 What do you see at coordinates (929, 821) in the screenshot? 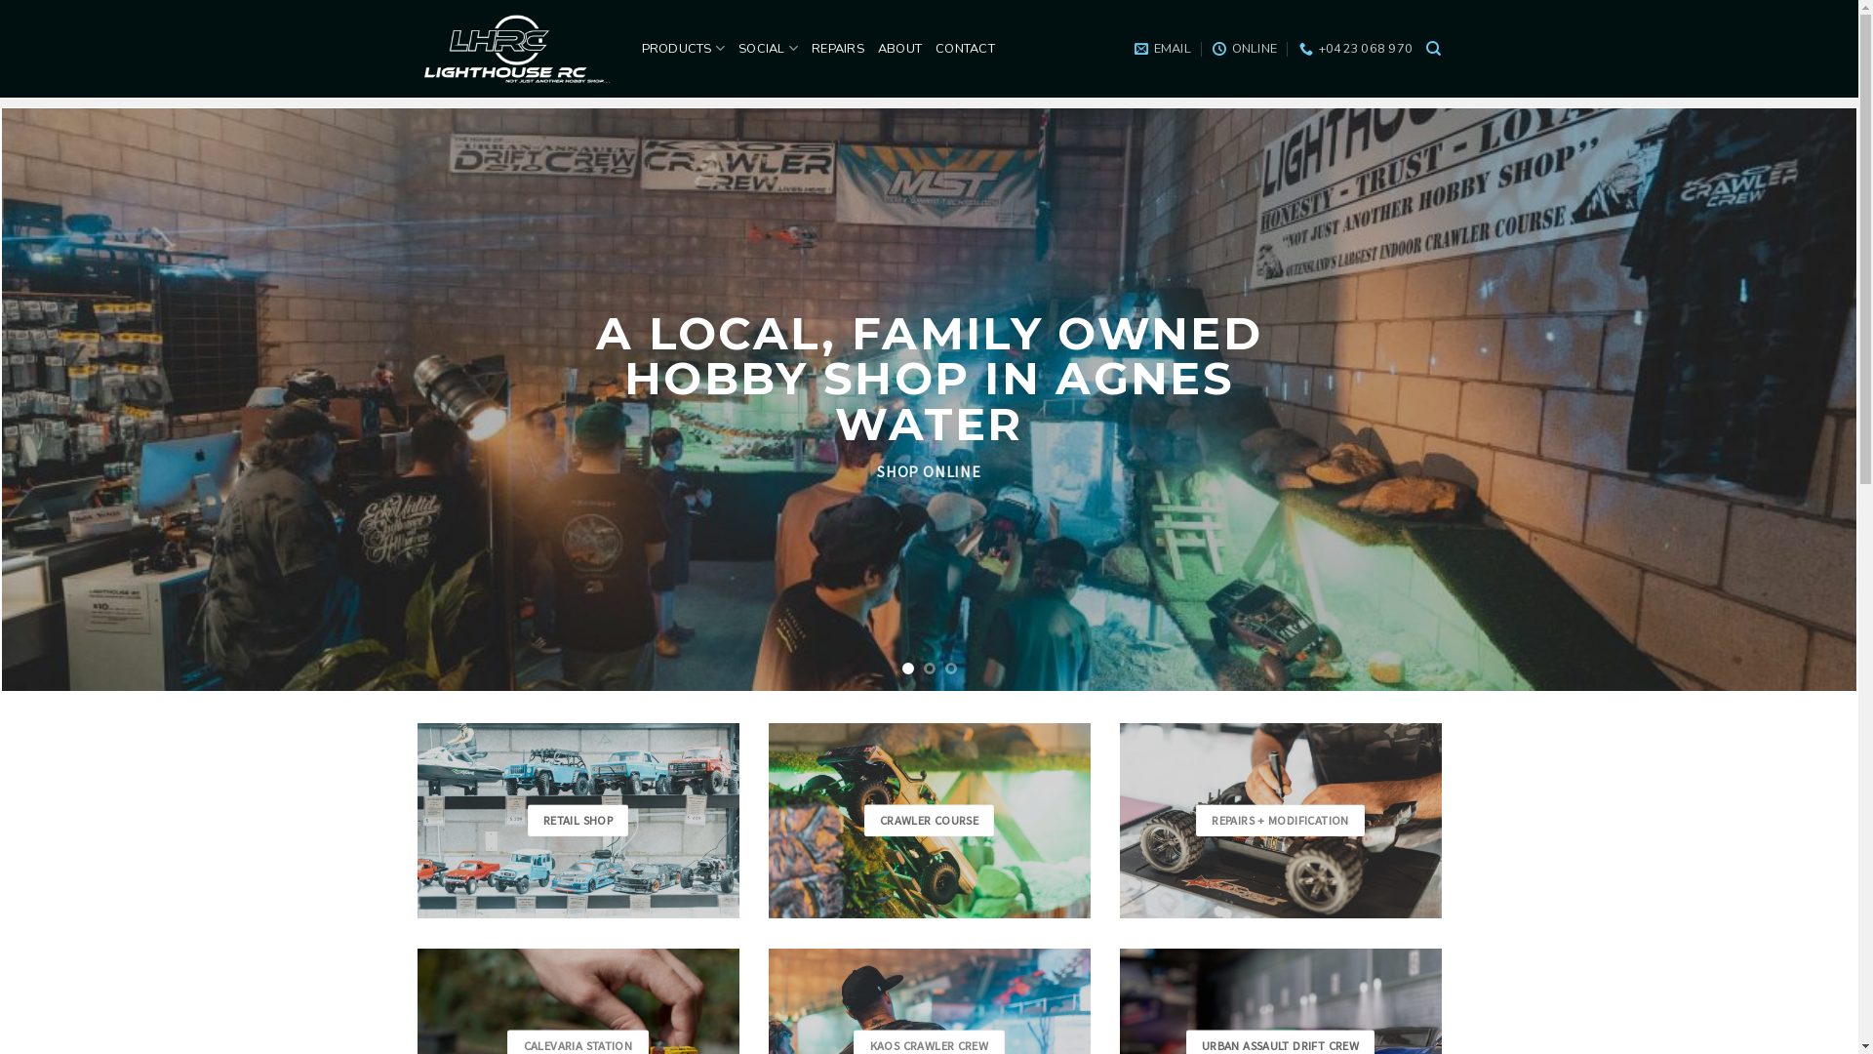
I see `'CRAWLER COURSE'` at bounding box center [929, 821].